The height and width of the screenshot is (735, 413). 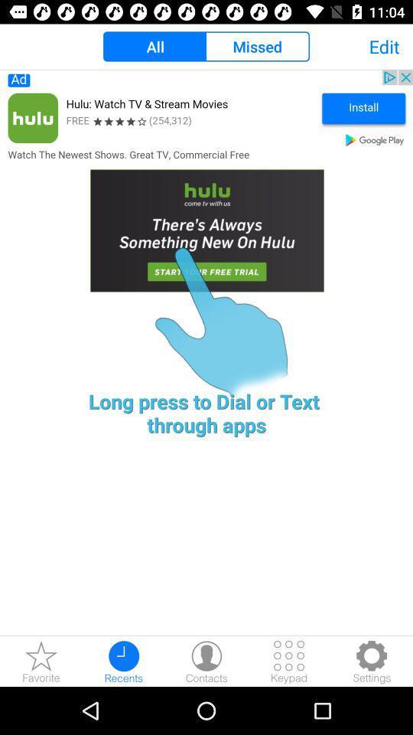 What do you see at coordinates (206, 661) in the screenshot?
I see `contacts detail` at bounding box center [206, 661].